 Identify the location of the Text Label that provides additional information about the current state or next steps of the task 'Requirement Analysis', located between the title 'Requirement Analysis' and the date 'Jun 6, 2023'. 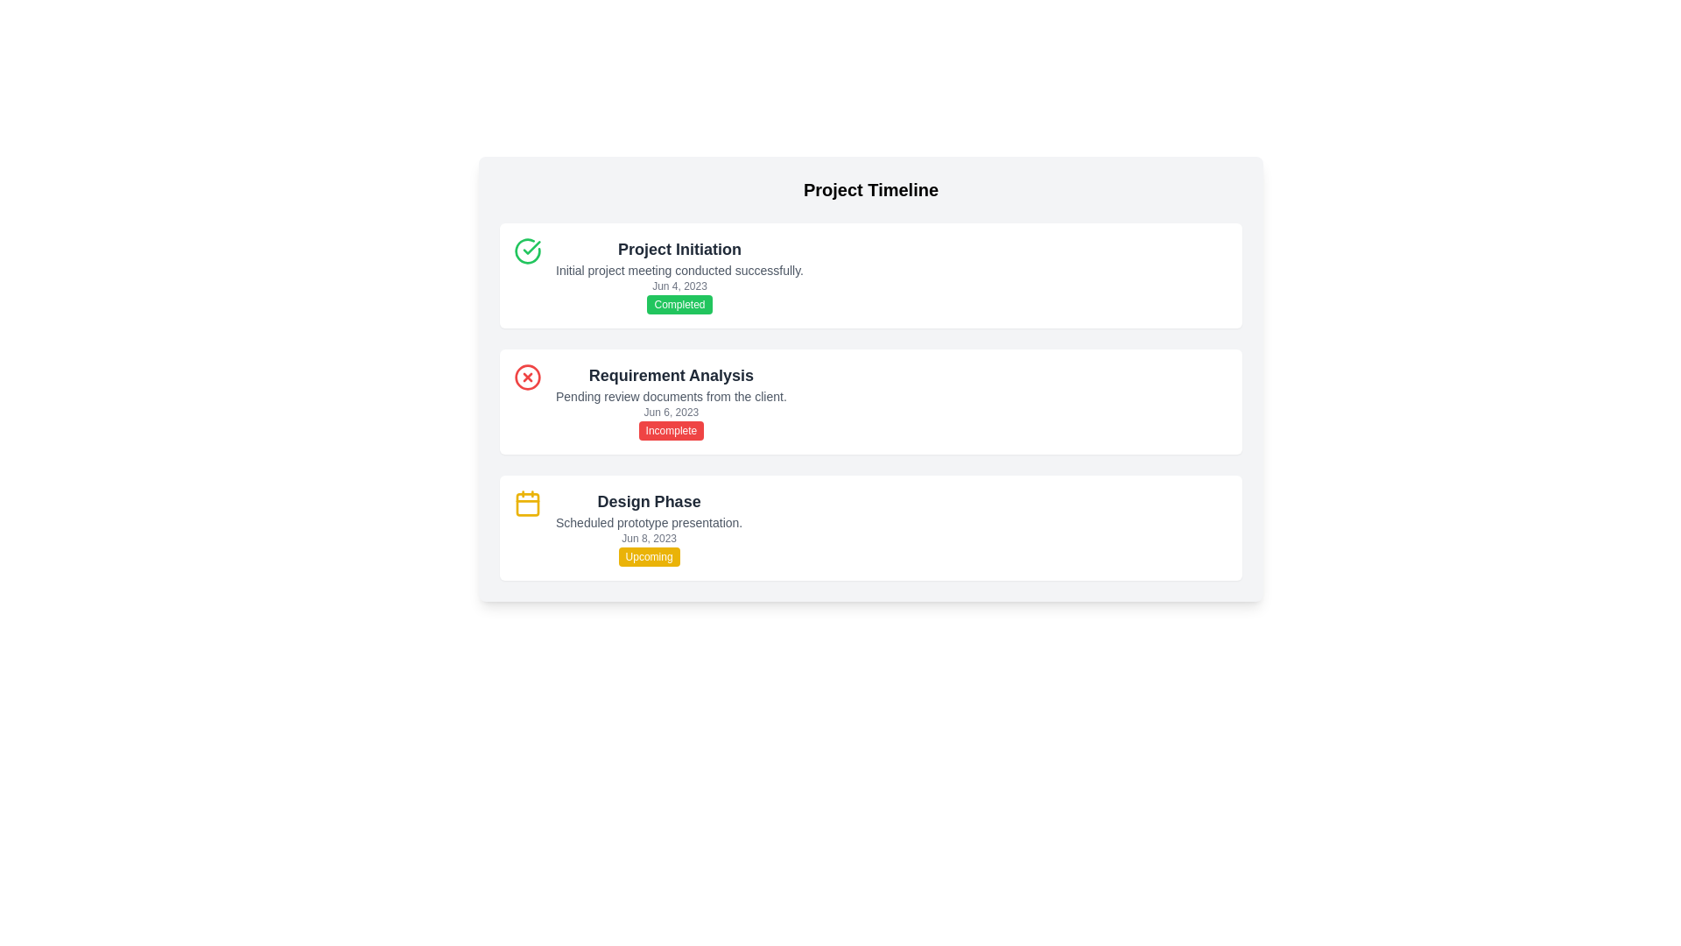
(670, 396).